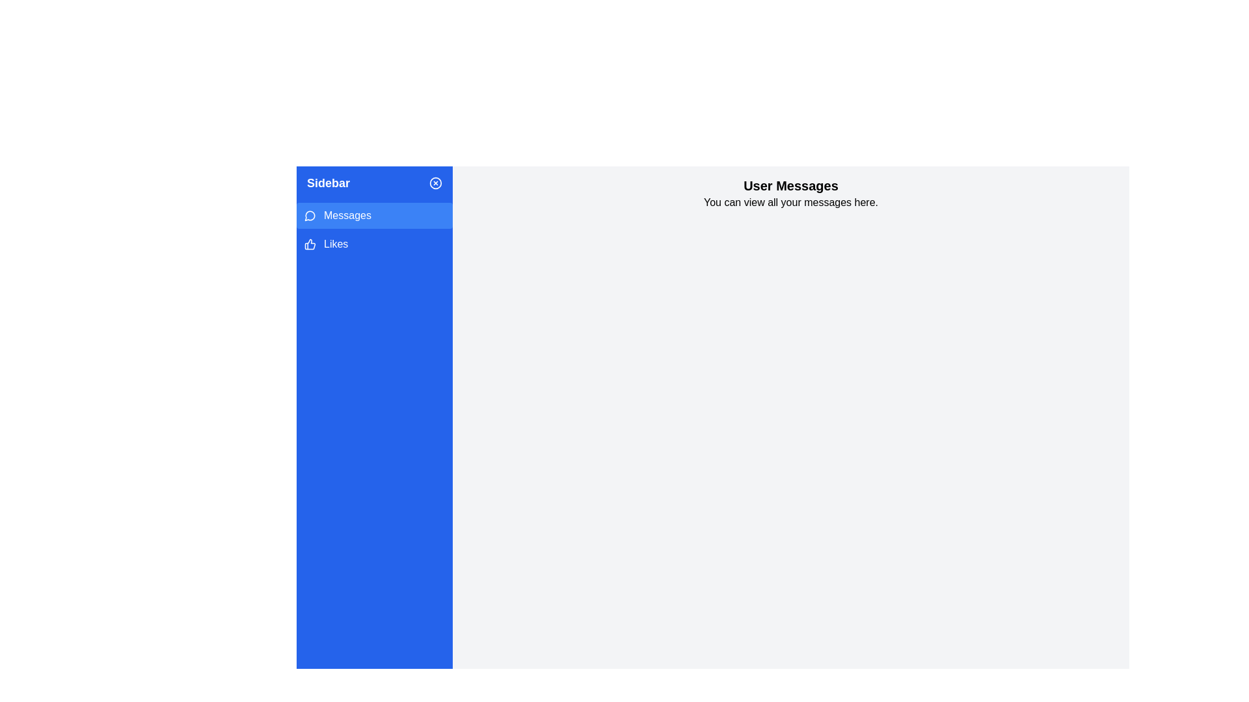 This screenshot has width=1249, height=702. I want to click on the circular speech bubble icon outlined in gray, which is located in the sidebar under 'Messages', so click(309, 214).